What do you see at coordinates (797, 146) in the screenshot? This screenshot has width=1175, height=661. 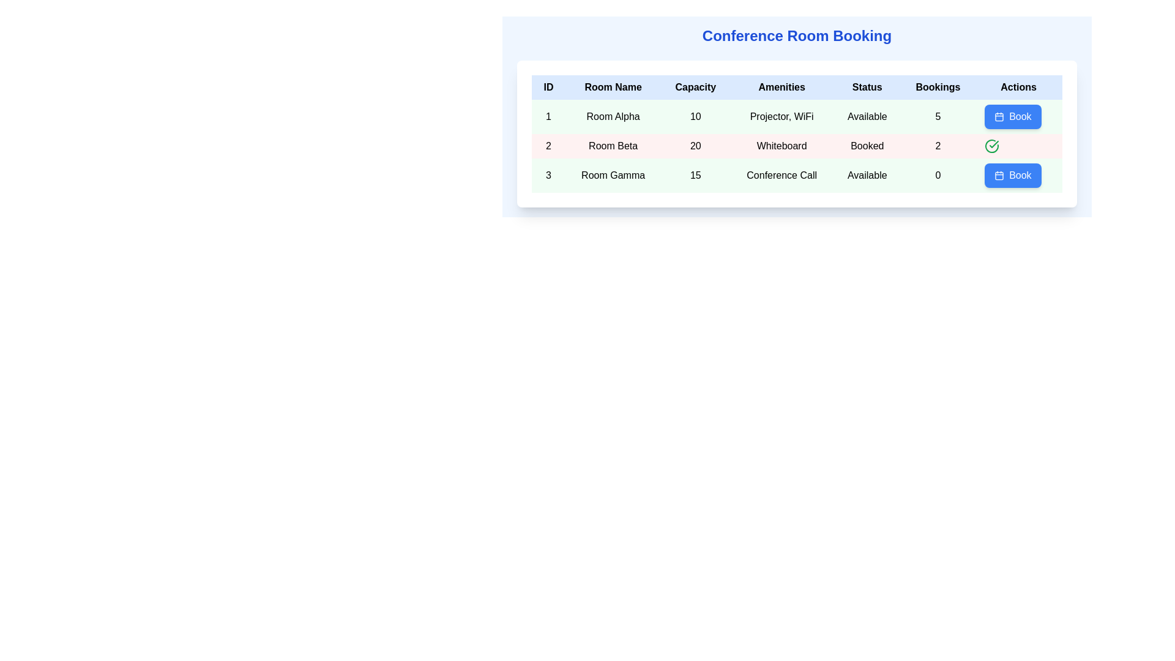 I see `the second row in the table under the header 'Conference Room Booking' that displays details about 'Room Beta', which includes '2', 'Room Beta', '20', 'Whiteboard', 'Booked', '2', and a green checkmark icon` at bounding box center [797, 146].